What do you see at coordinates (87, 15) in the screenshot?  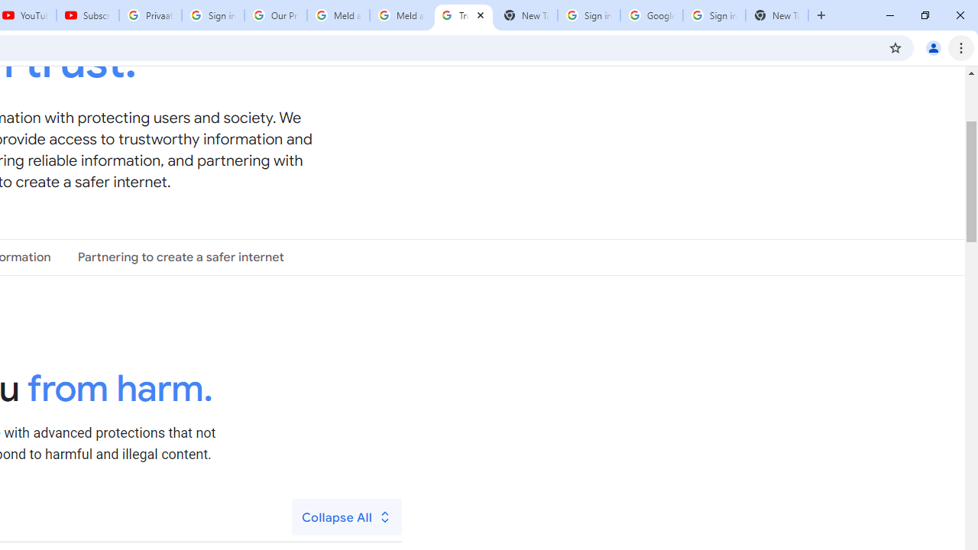 I see `'Subscriptions - YouTube'` at bounding box center [87, 15].